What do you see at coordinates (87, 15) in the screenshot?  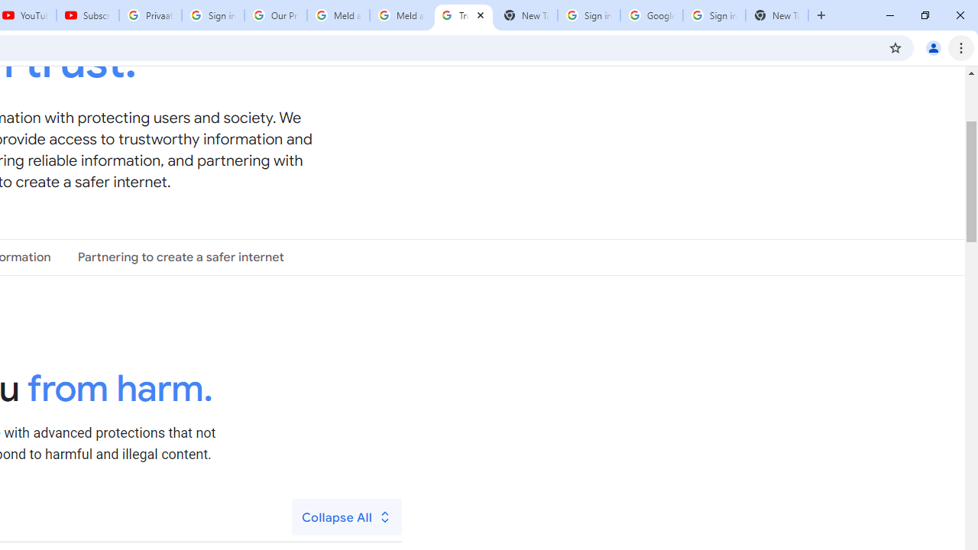 I see `'Subscriptions - YouTube'` at bounding box center [87, 15].